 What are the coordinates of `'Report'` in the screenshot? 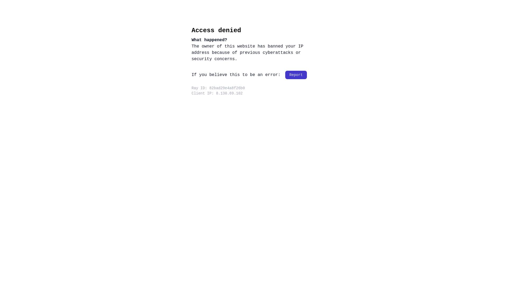 It's located at (296, 75).